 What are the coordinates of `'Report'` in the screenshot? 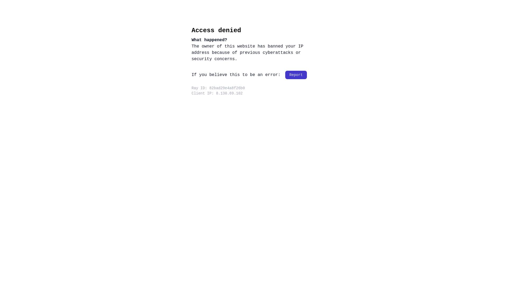 It's located at (296, 75).